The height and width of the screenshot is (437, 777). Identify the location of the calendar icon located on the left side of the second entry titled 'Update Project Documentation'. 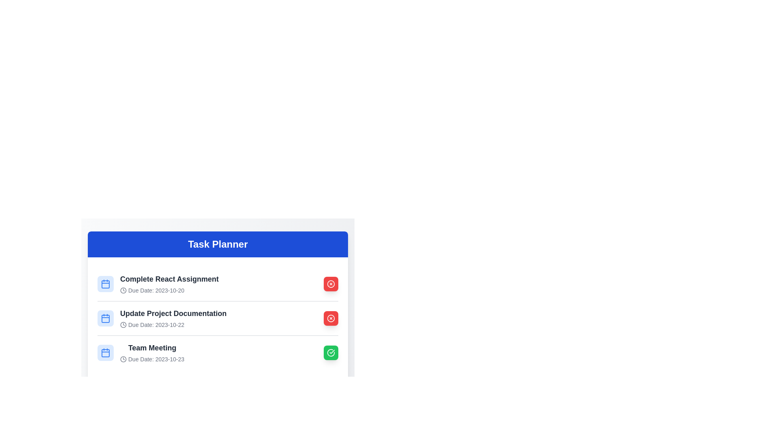
(105, 318).